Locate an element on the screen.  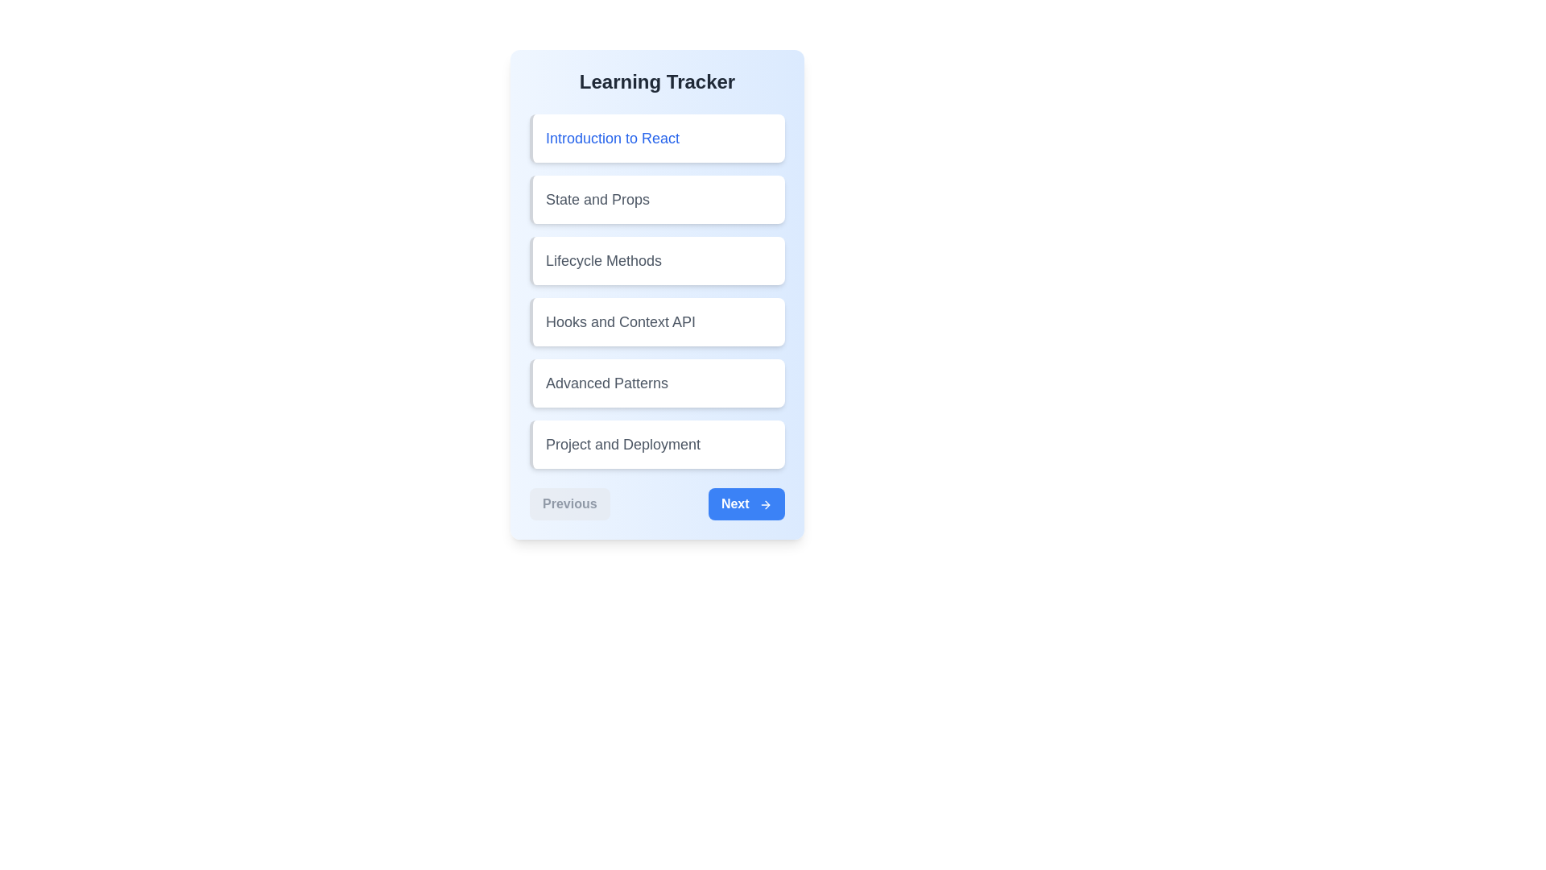
the lesson titled 'Hooks and Context API' to select it is located at coordinates (657, 322).